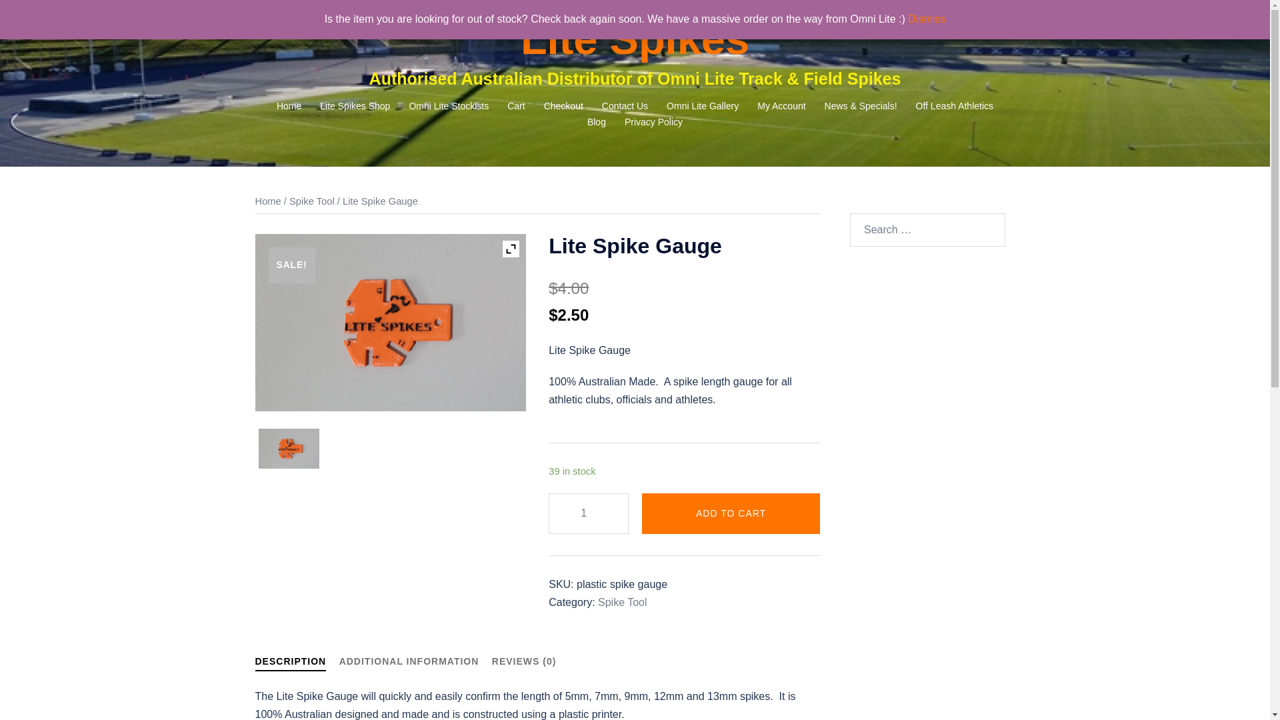  What do you see at coordinates (622, 602) in the screenshot?
I see `'Spike Tool'` at bounding box center [622, 602].